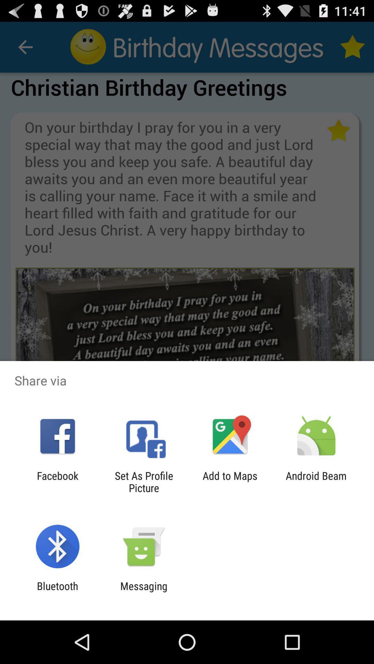 This screenshot has width=374, height=664. I want to click on icon next to the facebook app, so click(143, 481).